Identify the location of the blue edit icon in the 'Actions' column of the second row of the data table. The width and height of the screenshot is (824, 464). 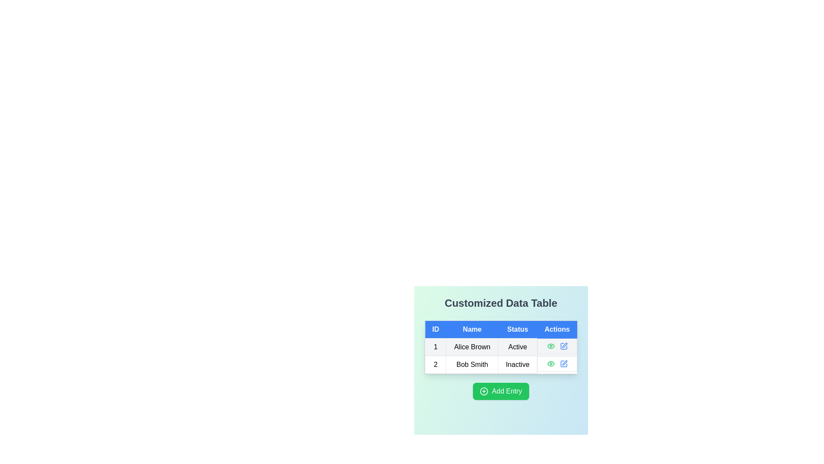
(564, 363).